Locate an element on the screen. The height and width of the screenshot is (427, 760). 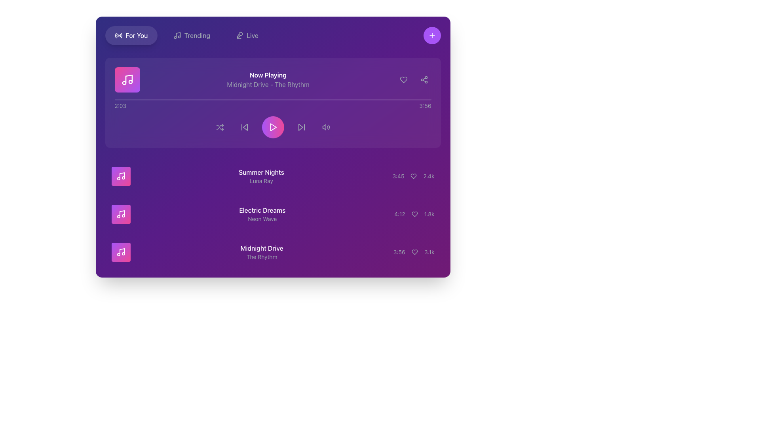
the skip-to-previous button located in the Now Playing section, positioned to the right of the shuffle icon and to the left of the play button is located at coordinates (244, 127).